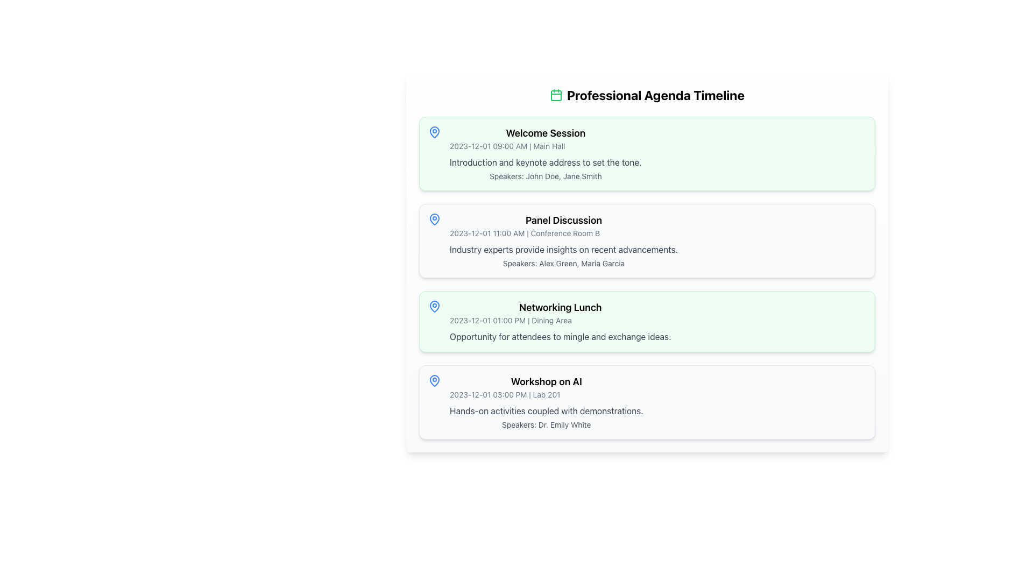  What do you see at coordinates (563, 249) in the screenshot?
I see `descriptive summary of the 'Panel Discussion' section, which is a static text element located centrally below the date/time and location information` at bounding box center [563, 249].